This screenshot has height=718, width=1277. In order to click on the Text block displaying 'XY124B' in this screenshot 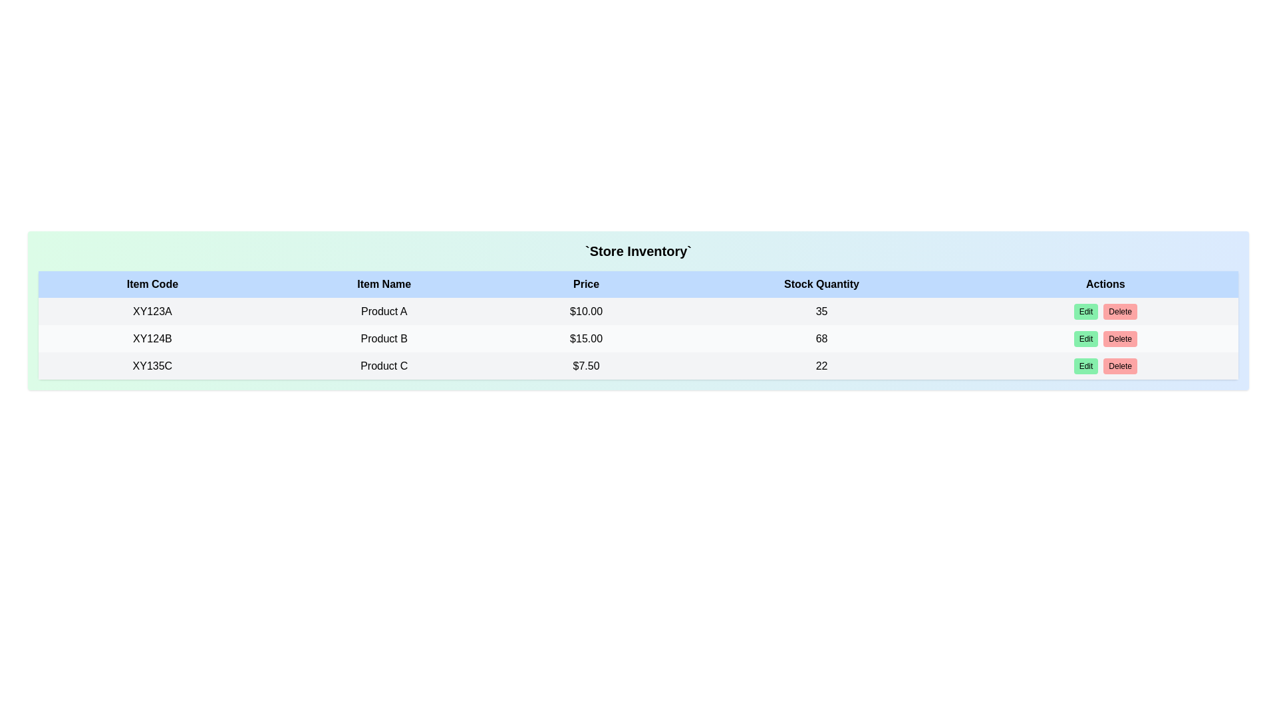, I will do `click(152, 338)`.